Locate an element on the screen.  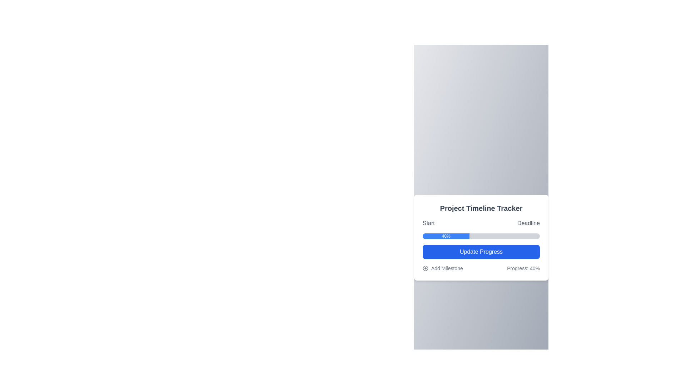
the button for adding a new milestone to change its text color to blue is located at coordinates (442, 268).